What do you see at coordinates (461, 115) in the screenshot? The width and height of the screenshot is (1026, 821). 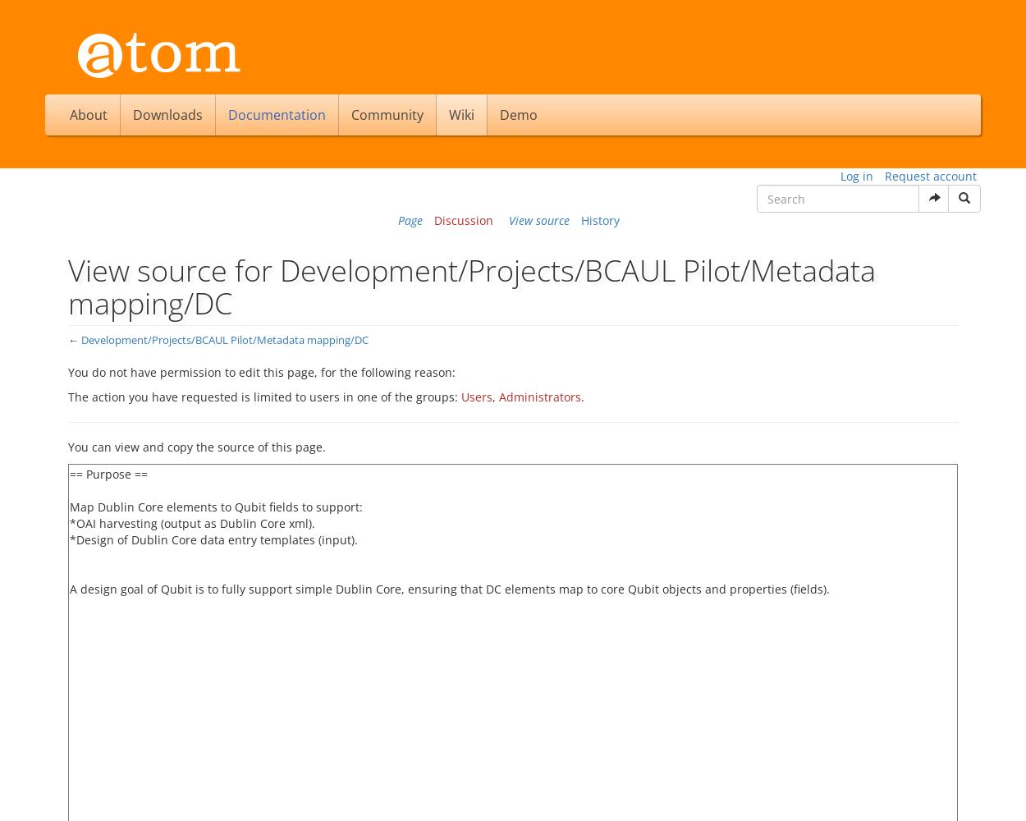 I see `'Wiki'` at bounding box center [461, 115].